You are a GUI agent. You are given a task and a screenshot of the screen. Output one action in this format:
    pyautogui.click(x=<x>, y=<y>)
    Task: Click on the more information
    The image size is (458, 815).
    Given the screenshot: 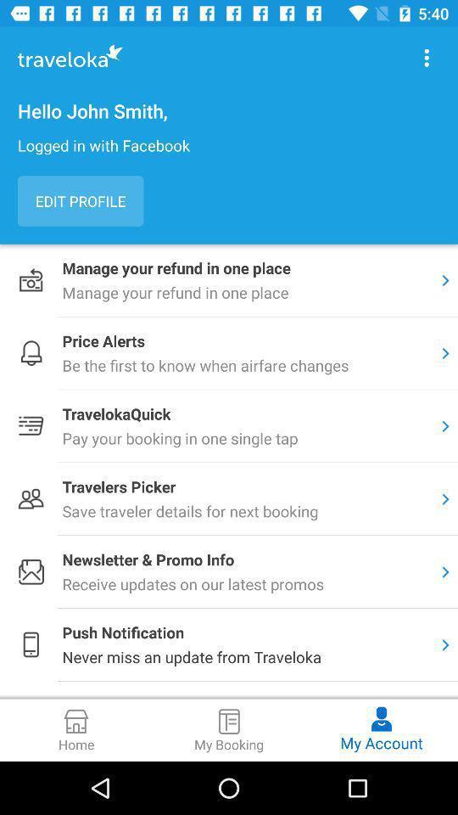 What is the action you would take?
    pyautogui.click(x=426, y=58)
    